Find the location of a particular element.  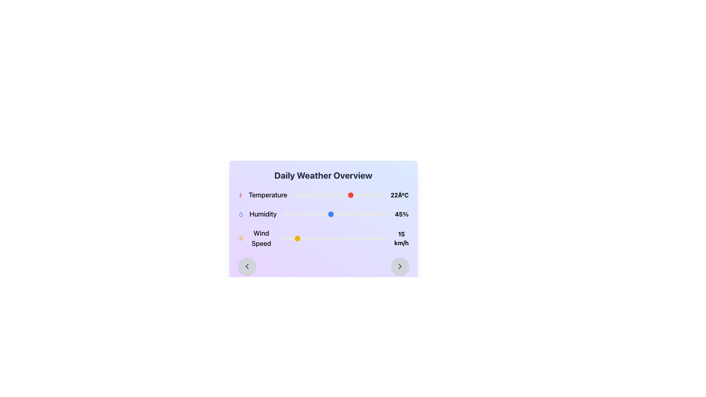

the wind speed is located at coordinates (358, 238).